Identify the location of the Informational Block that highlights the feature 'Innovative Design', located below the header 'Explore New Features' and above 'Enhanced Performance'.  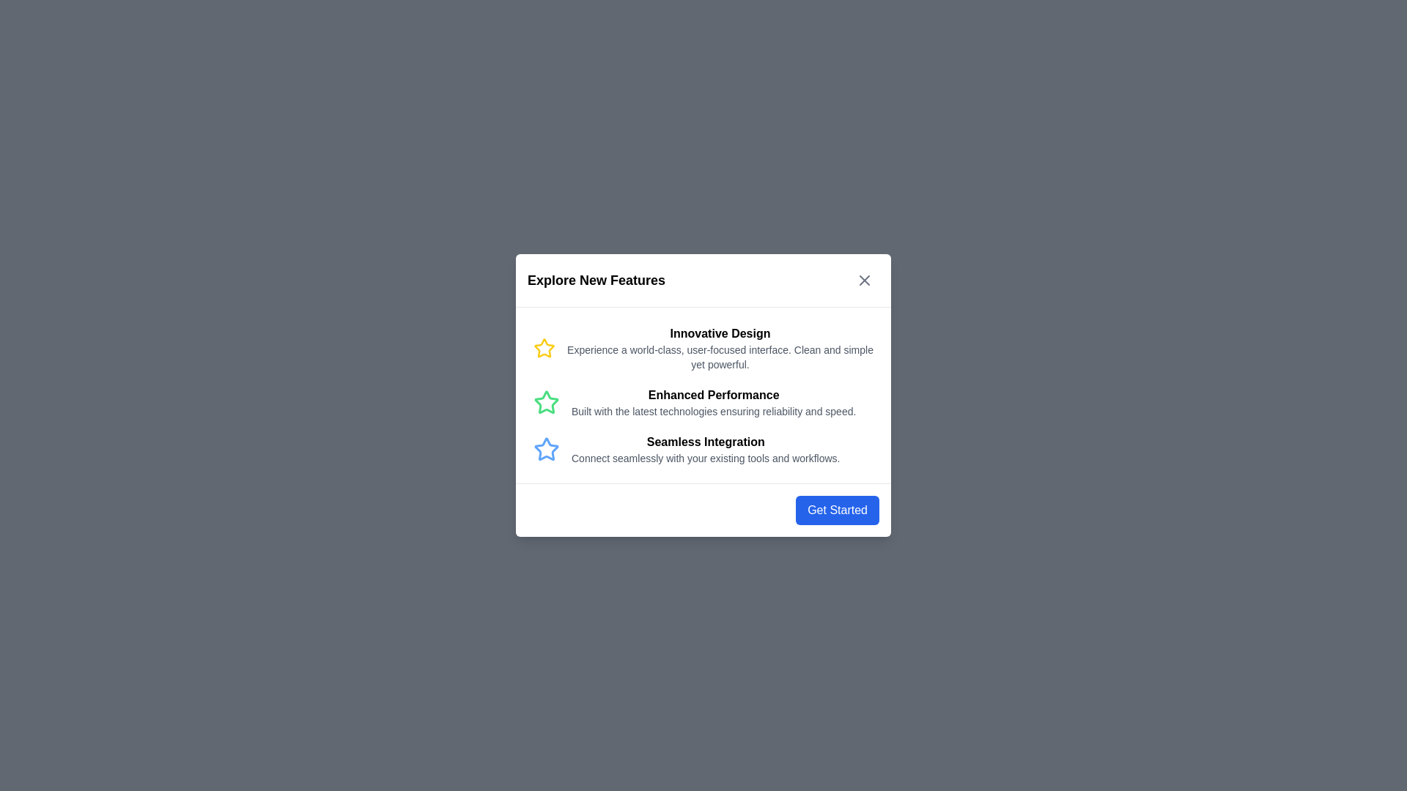
(703, 348).